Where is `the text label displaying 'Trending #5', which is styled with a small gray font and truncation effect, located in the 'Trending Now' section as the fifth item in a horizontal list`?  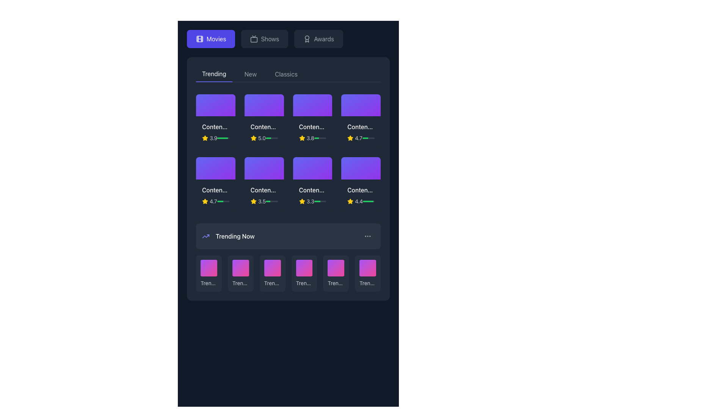 the text label displaying 'Trending #5', which is styled with a small gray font and truncation effect, located in the 'Trending Now' section as the fifth item in a horizontal list is located at coordinates (336, 283).